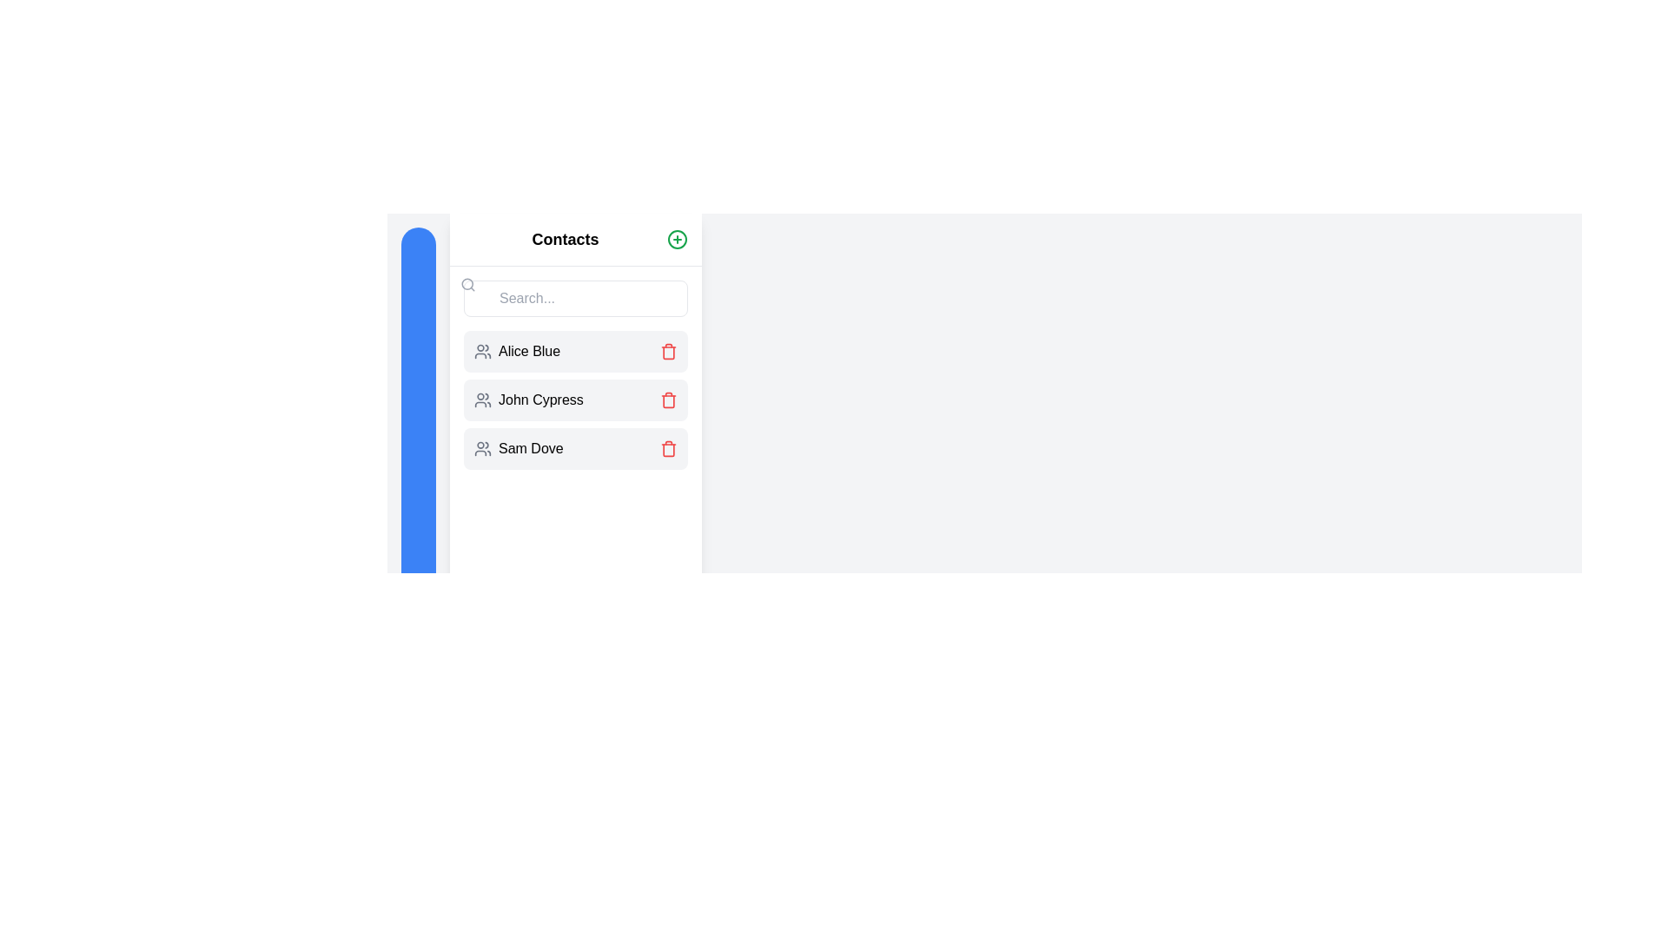 The image size is (1668, 938). What do you see at coordinates (676, 240) in the screenshot?
I see `the small green plus icon button located to the right of the 'Contacts' heading to initiate adding a contact` at bounding box center [676, 240].